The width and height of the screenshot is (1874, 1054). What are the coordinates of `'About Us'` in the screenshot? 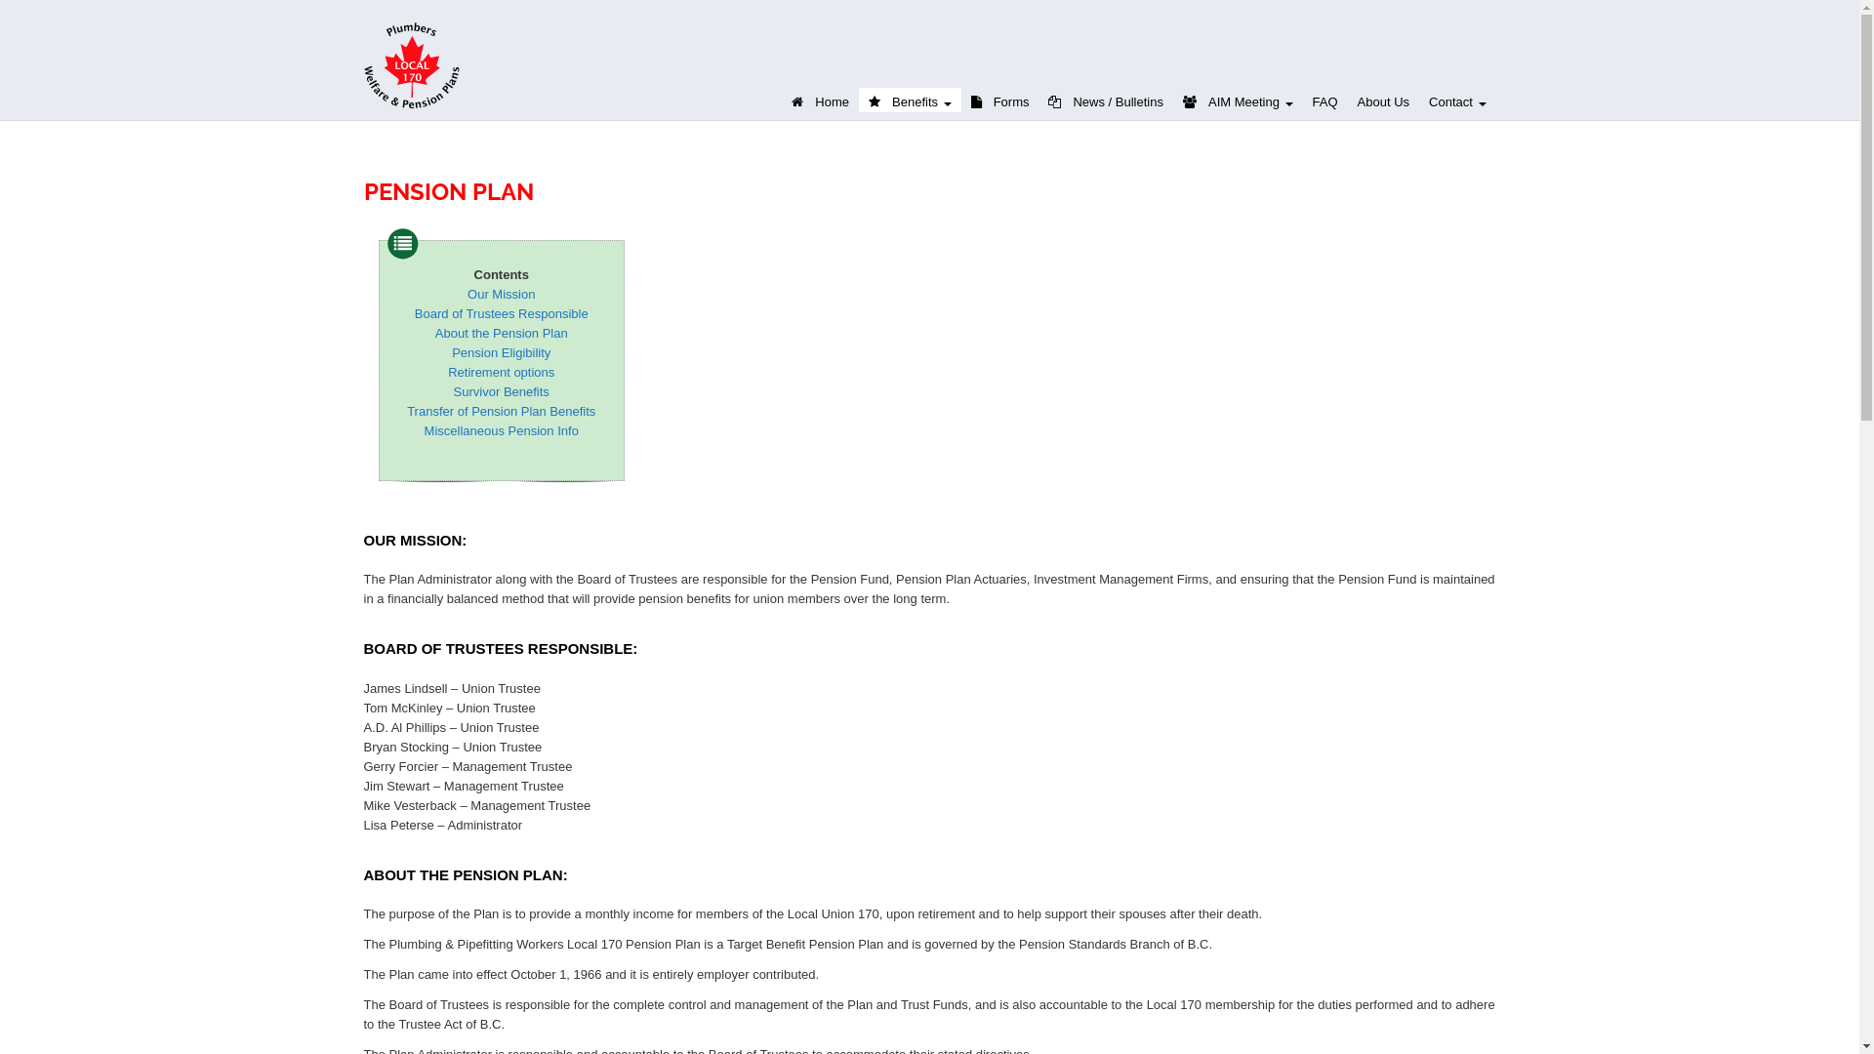 It's located at (1382, 100).